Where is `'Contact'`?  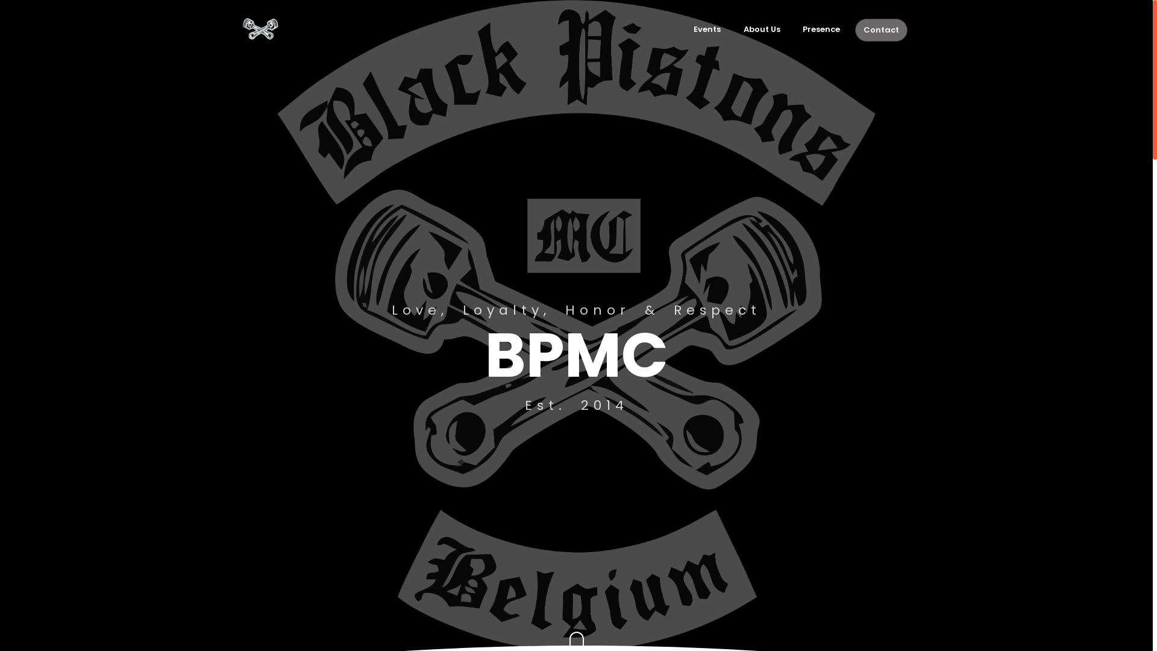 'Contact' is located at coordinates (881, 30).